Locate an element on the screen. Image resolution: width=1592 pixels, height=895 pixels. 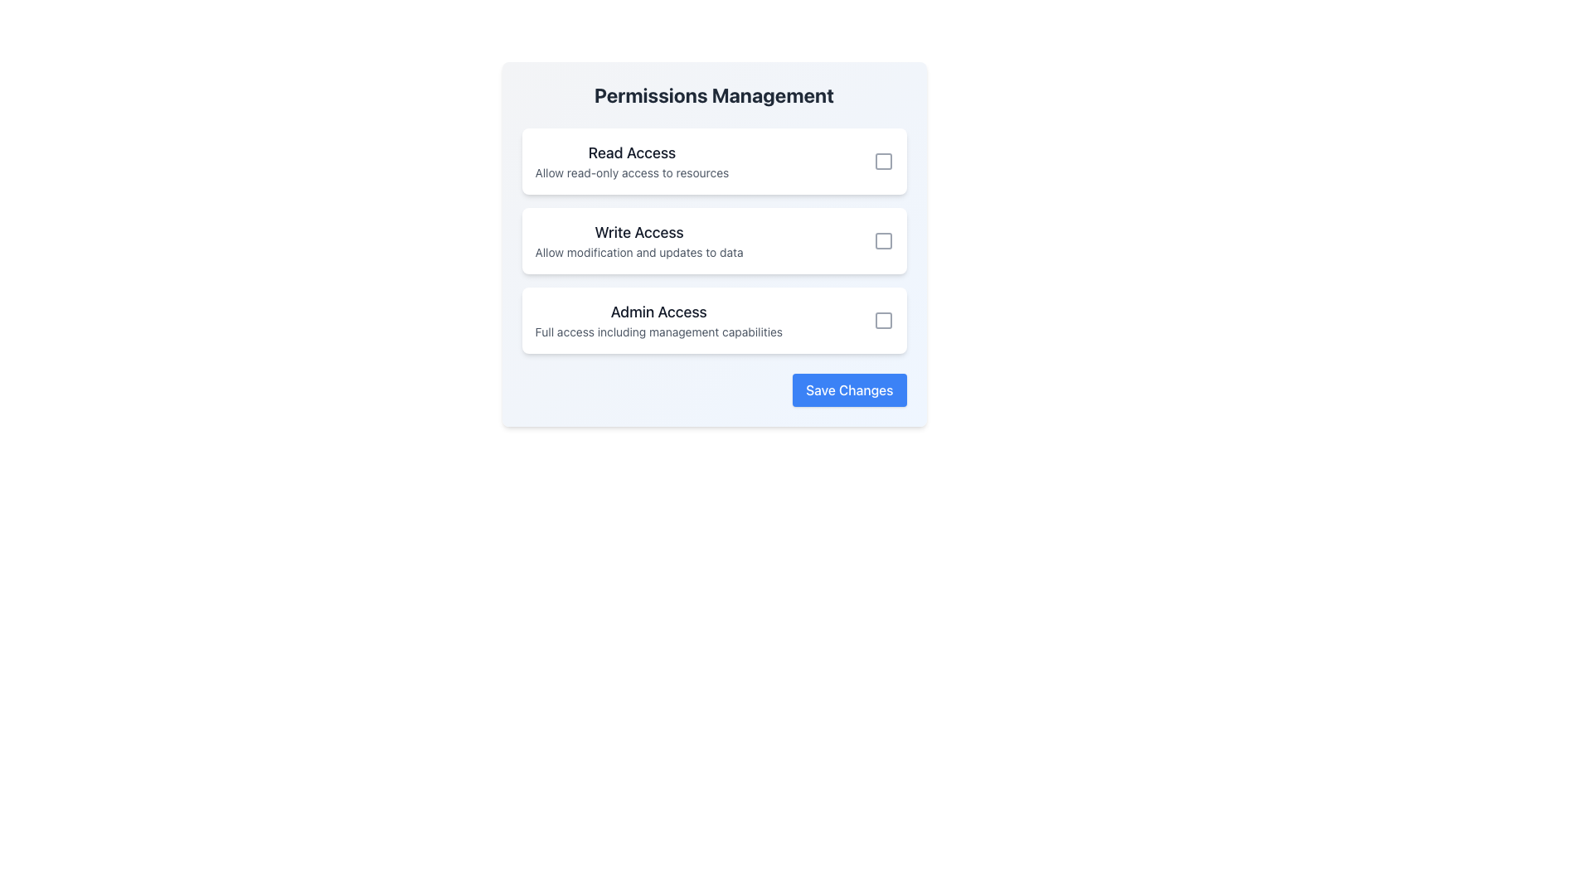
the SVG element indicating the 'Write Access' function in the Permissions Management interface is located at coordinates (882, 240).